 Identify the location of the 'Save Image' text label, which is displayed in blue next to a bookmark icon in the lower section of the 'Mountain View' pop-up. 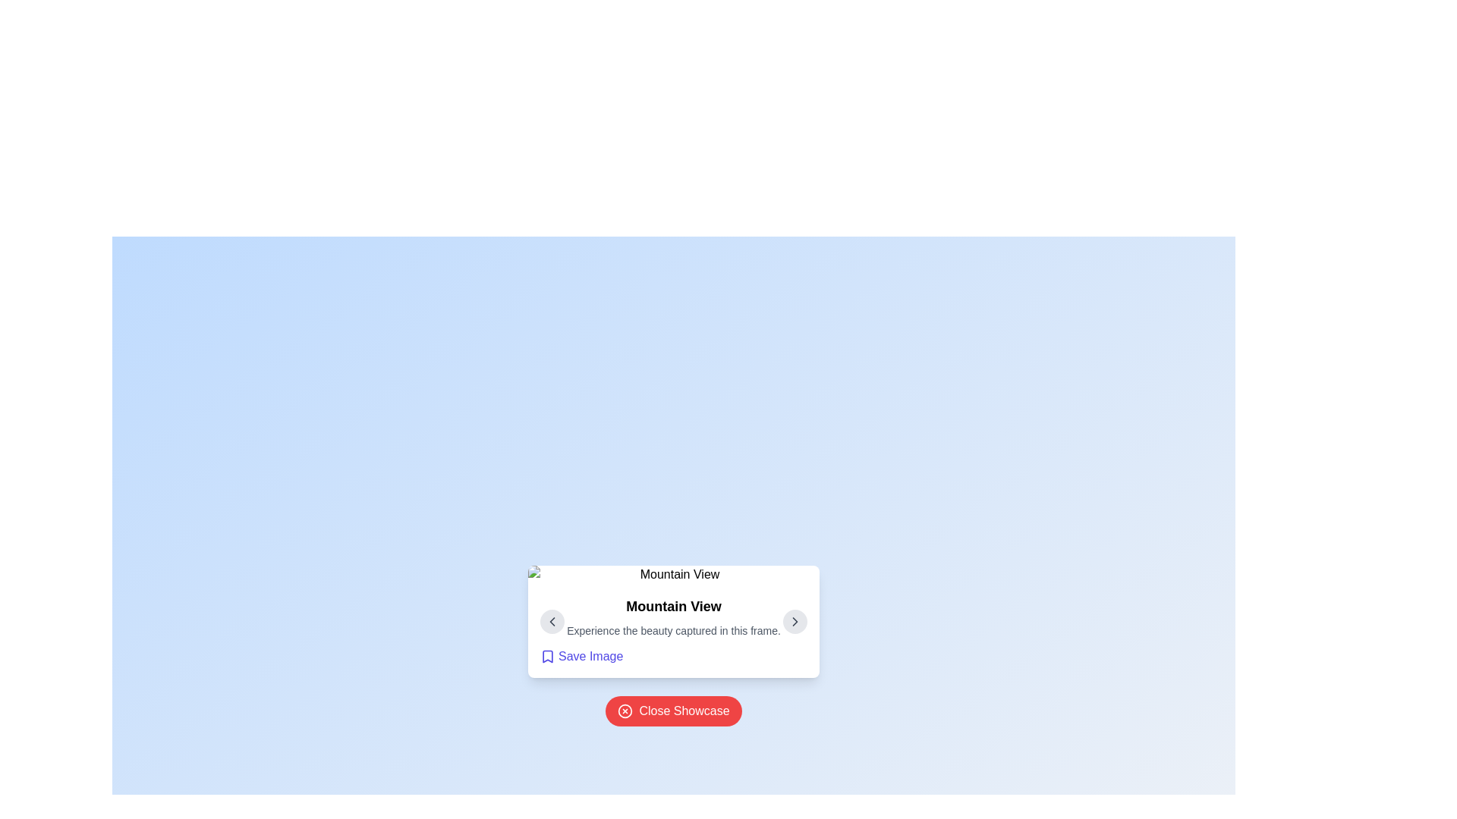
(590, 656).